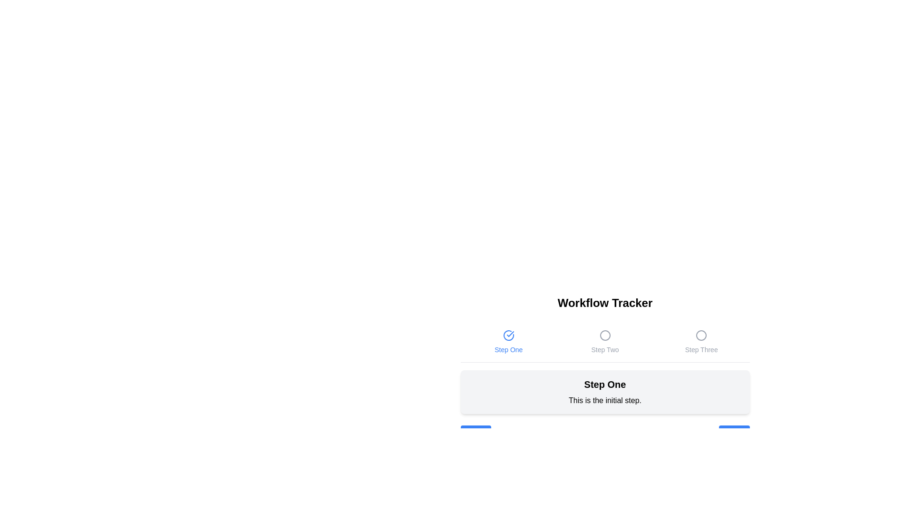  I want to click on the 'Step Two' progress indicator icon, which signifies the second step in a multi-step process, so click(604, 335).